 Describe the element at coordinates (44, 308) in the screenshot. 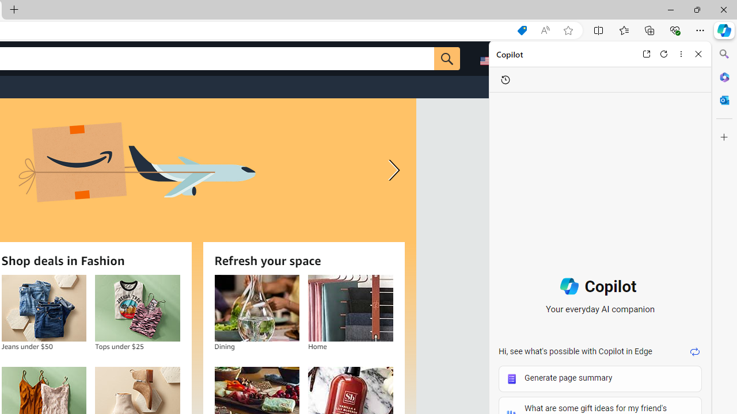

I see `'Jeans under $50'` at that location.